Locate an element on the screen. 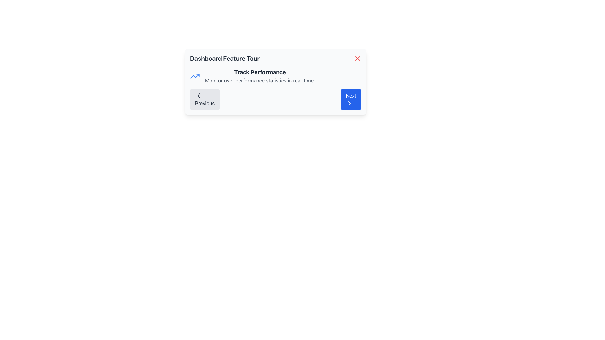 The image size is (605, 340). the blue upward trending chart icon located to the left of the text 'Track Performance' and 'Monitor user performance statistics in real-time.' is located at coordinates (195, 76).